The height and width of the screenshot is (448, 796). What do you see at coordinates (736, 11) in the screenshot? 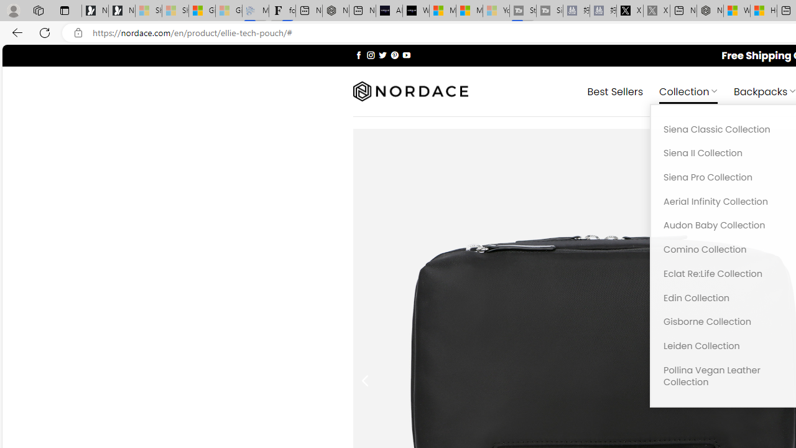
I see `'Wildlife - MSN'` at bounding box center [736, 11].